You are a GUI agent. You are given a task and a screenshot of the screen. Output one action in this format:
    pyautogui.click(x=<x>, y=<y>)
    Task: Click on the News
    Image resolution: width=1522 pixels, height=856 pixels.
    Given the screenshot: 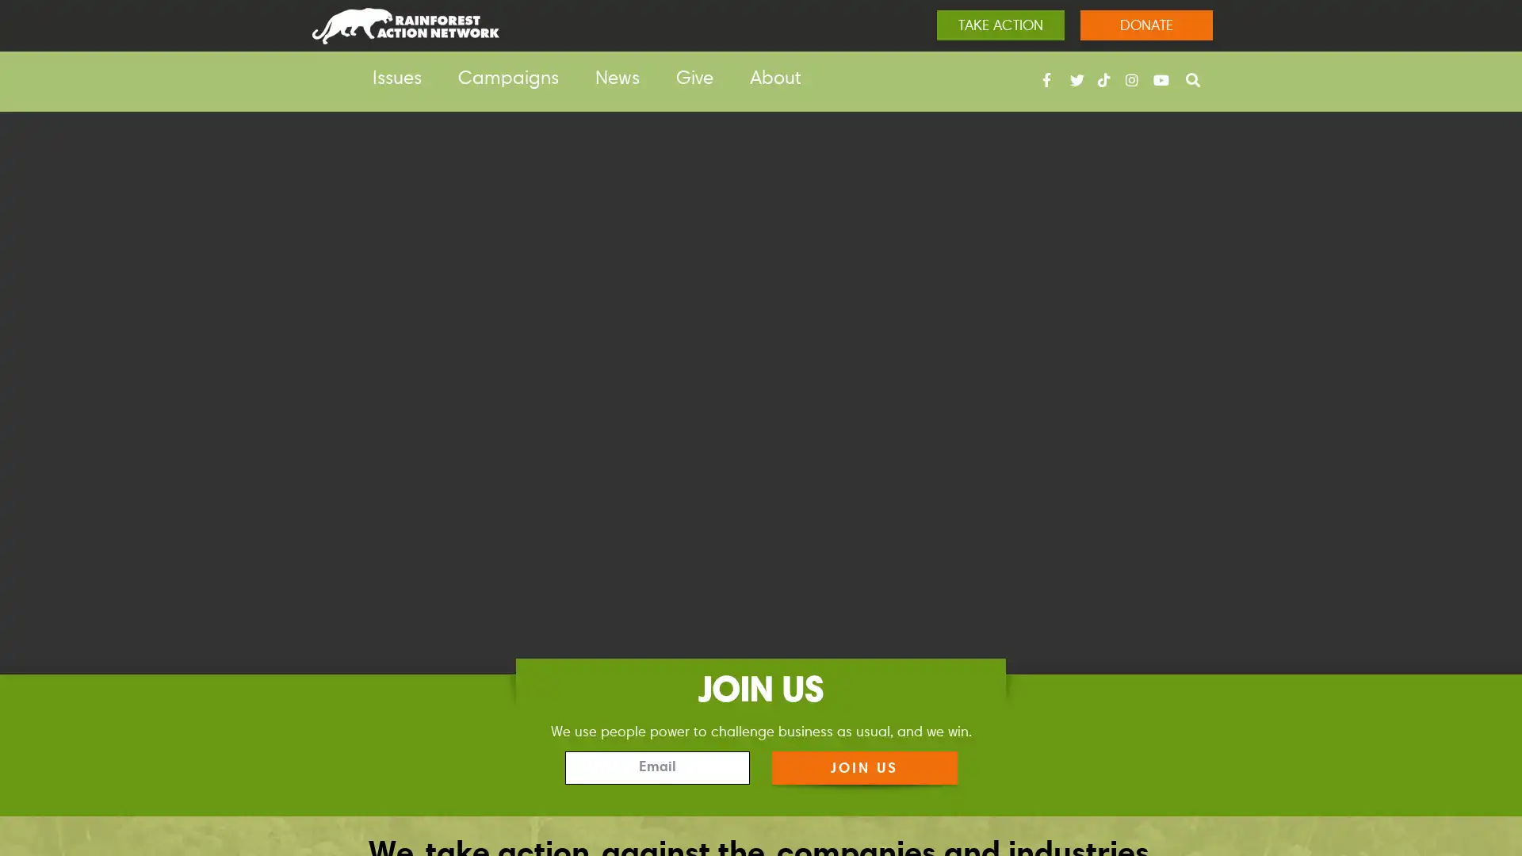 What is the action you would take?
    pyautogui.click(x=616, y=79)
    